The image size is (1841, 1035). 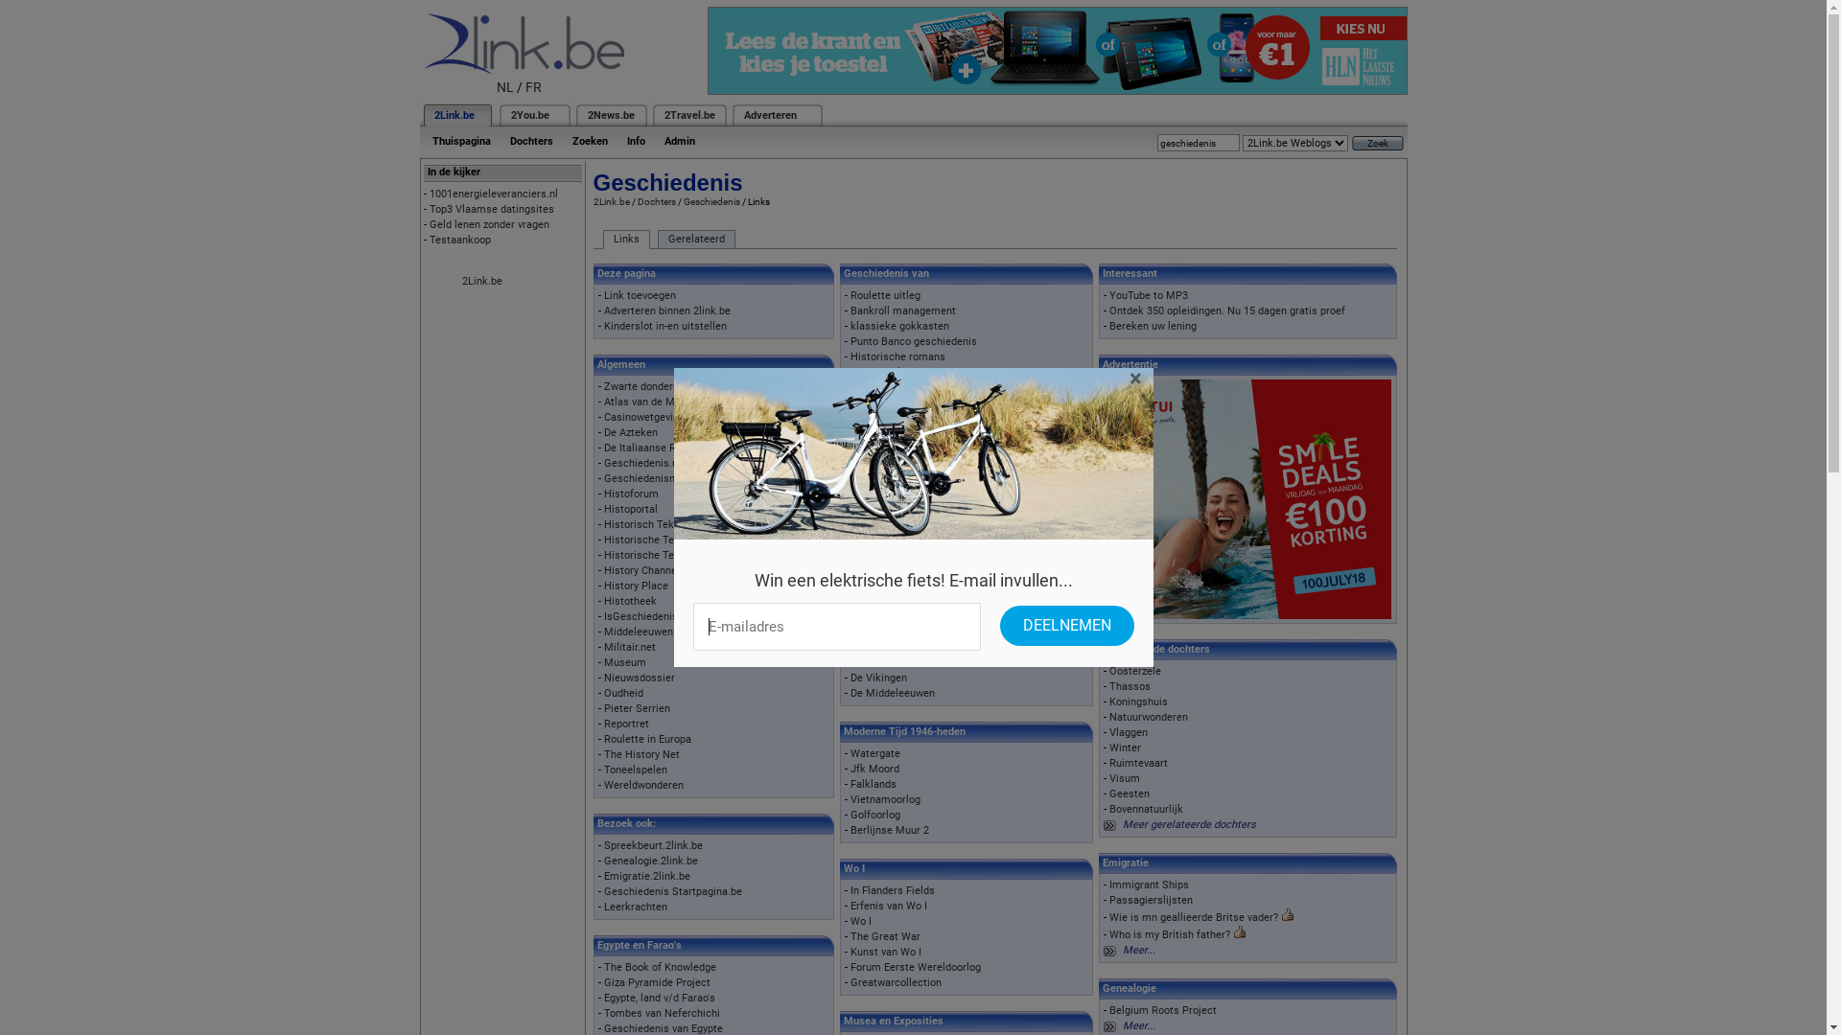 I want to click on 'Tombes van Neferchichi', so click(x=662, y=1012).